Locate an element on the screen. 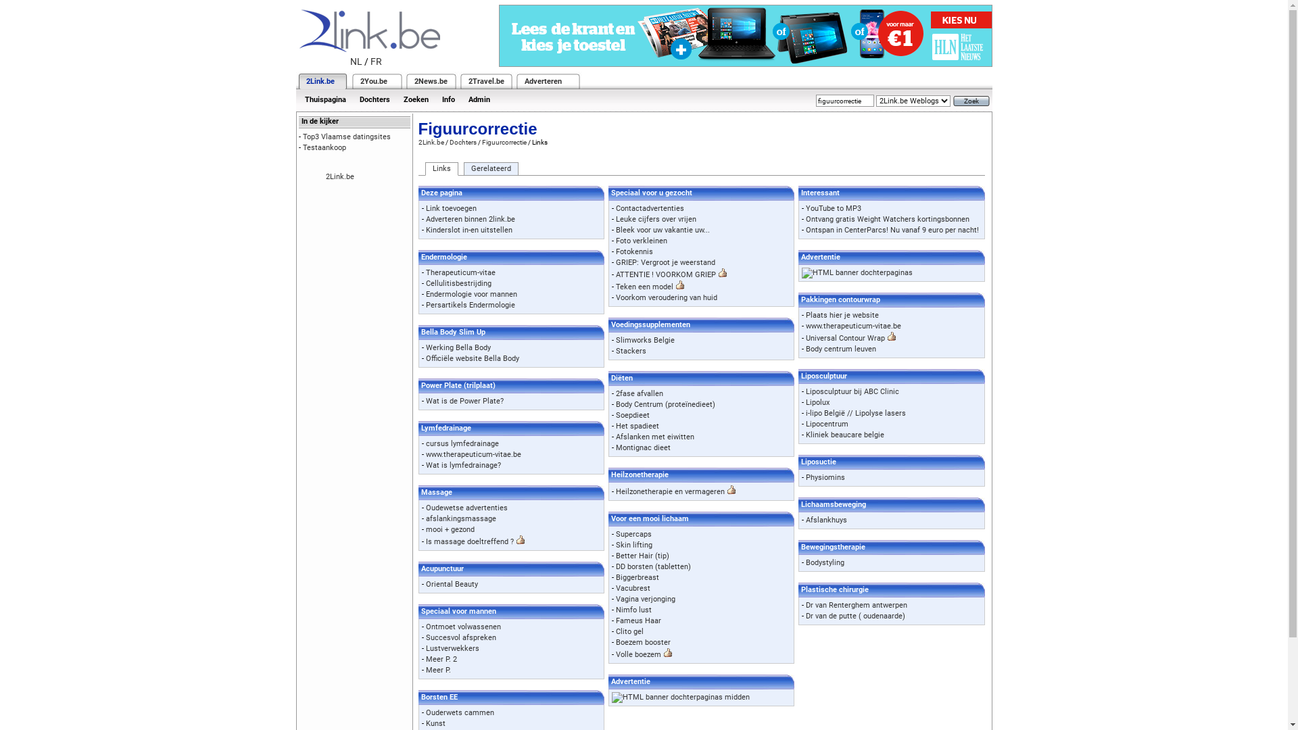 The height and width of the screenshot is (730, 1298). 'Adverteren' is located at coordinates (543, 81).